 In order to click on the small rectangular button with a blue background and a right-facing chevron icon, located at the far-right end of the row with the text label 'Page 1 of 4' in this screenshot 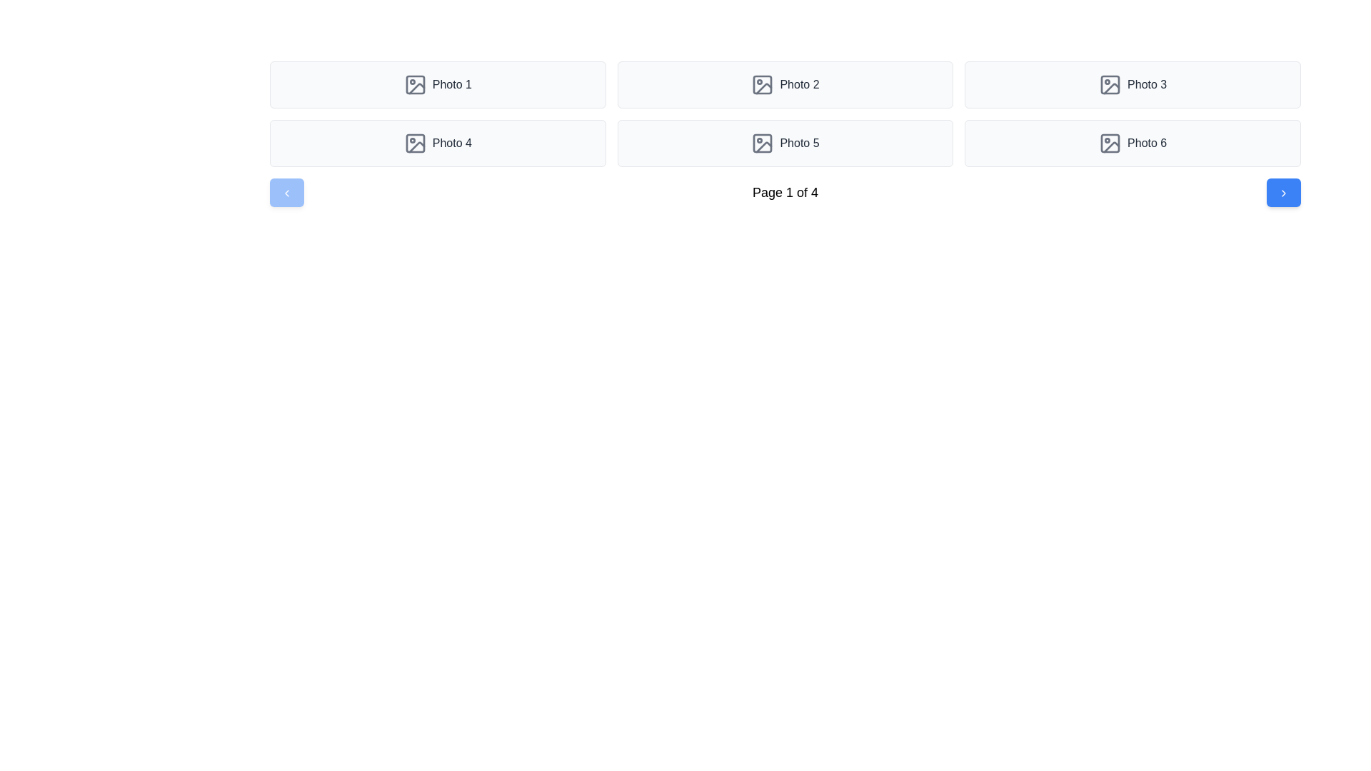, I will do `click(1284, 193)`.